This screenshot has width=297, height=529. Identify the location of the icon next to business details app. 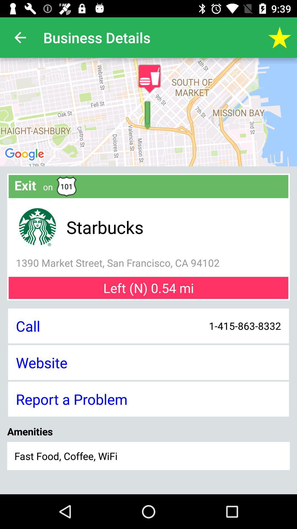
(20, 37).